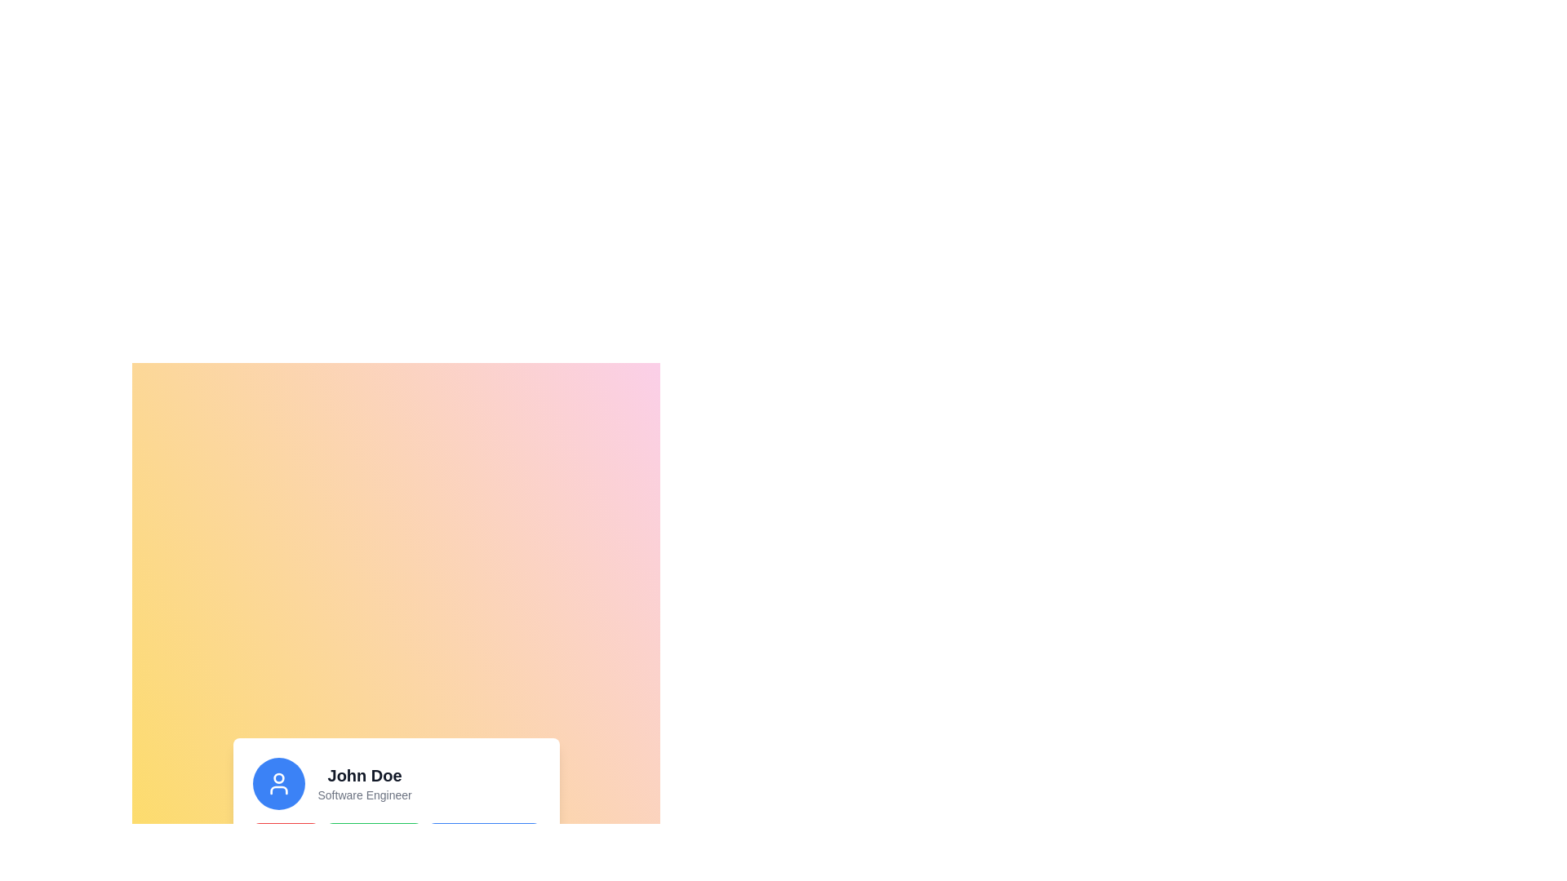 Image resolution: width=1567 pixels, height=881 pixels. Describe the element at coordinates (364, 782) in the screenshot. I see `the text label that displays the user's name and job title, located to the right of a circular blue icon with a user symbol` at that location.